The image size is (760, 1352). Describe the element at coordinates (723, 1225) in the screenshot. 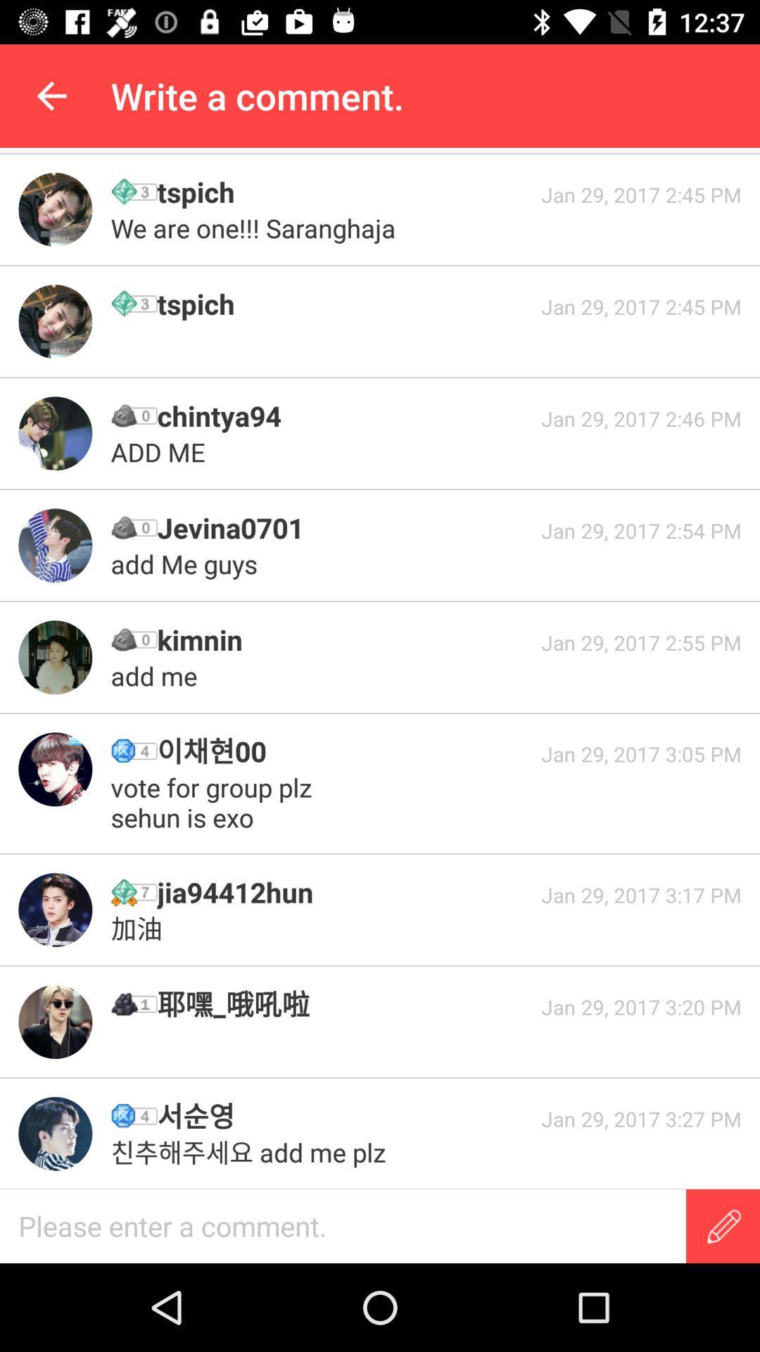

I see `write a message` at that location.